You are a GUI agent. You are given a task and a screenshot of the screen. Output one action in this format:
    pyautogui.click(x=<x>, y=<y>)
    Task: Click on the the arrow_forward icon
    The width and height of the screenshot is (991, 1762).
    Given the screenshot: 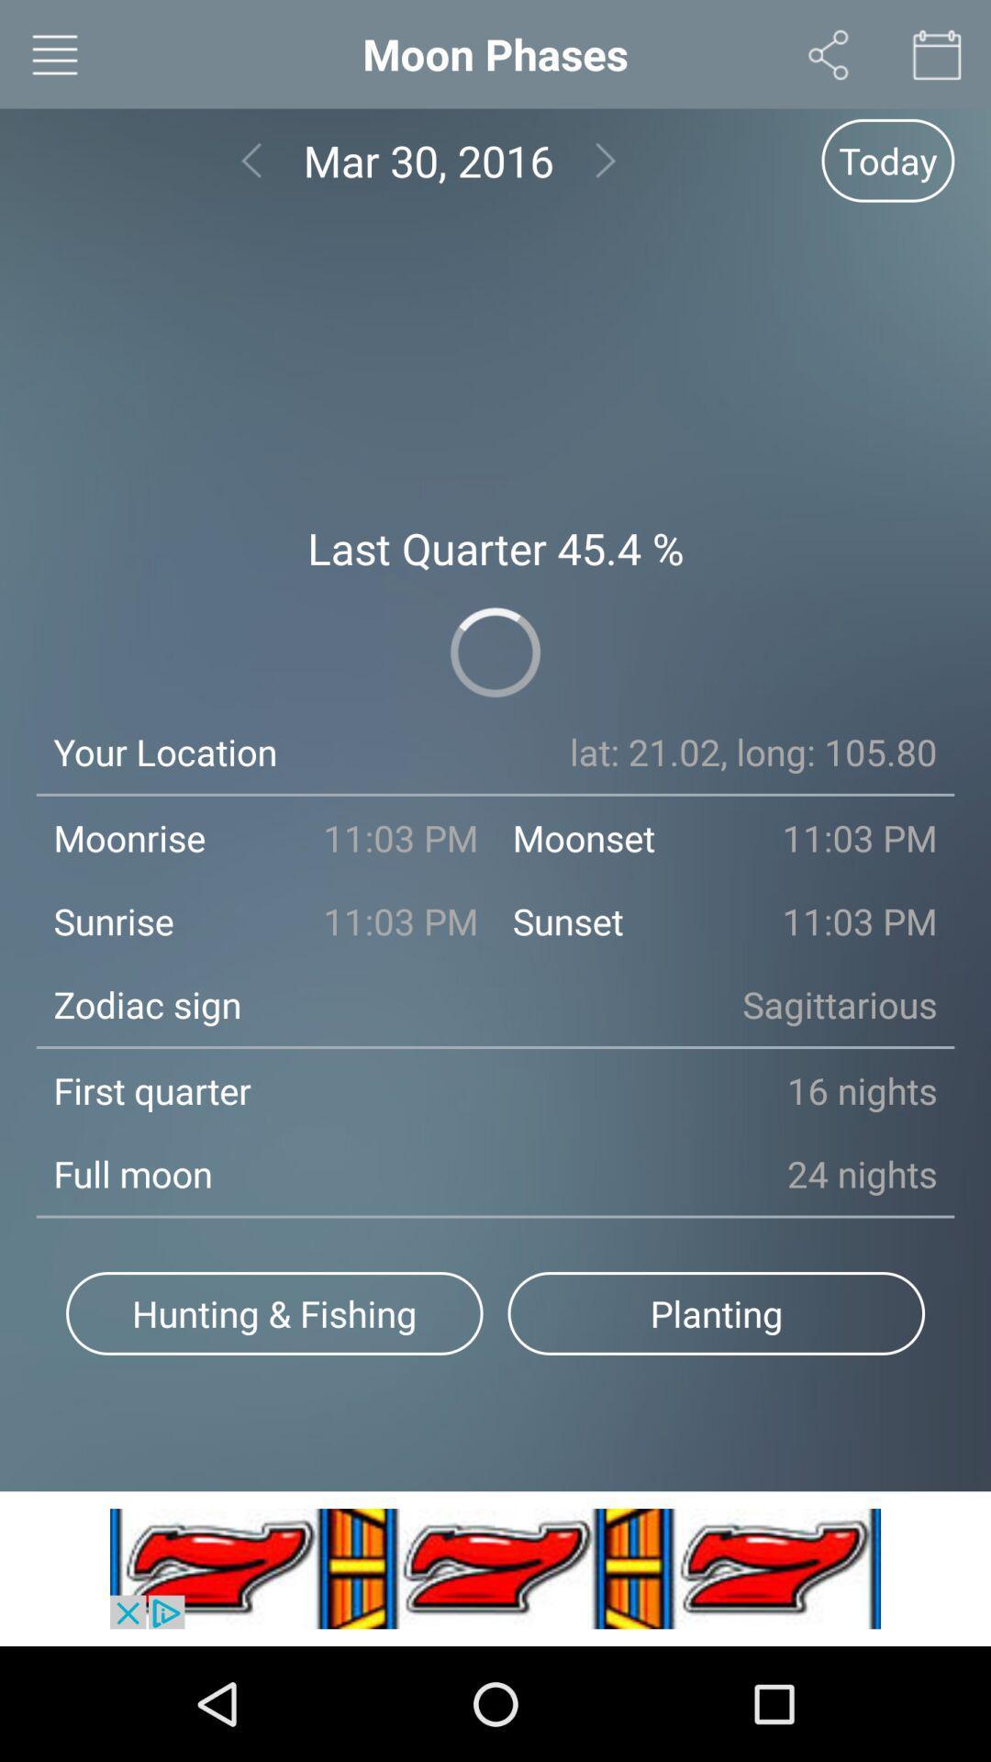 What is the action you would take?
    pyautogui.click(x=606, y=172)
    